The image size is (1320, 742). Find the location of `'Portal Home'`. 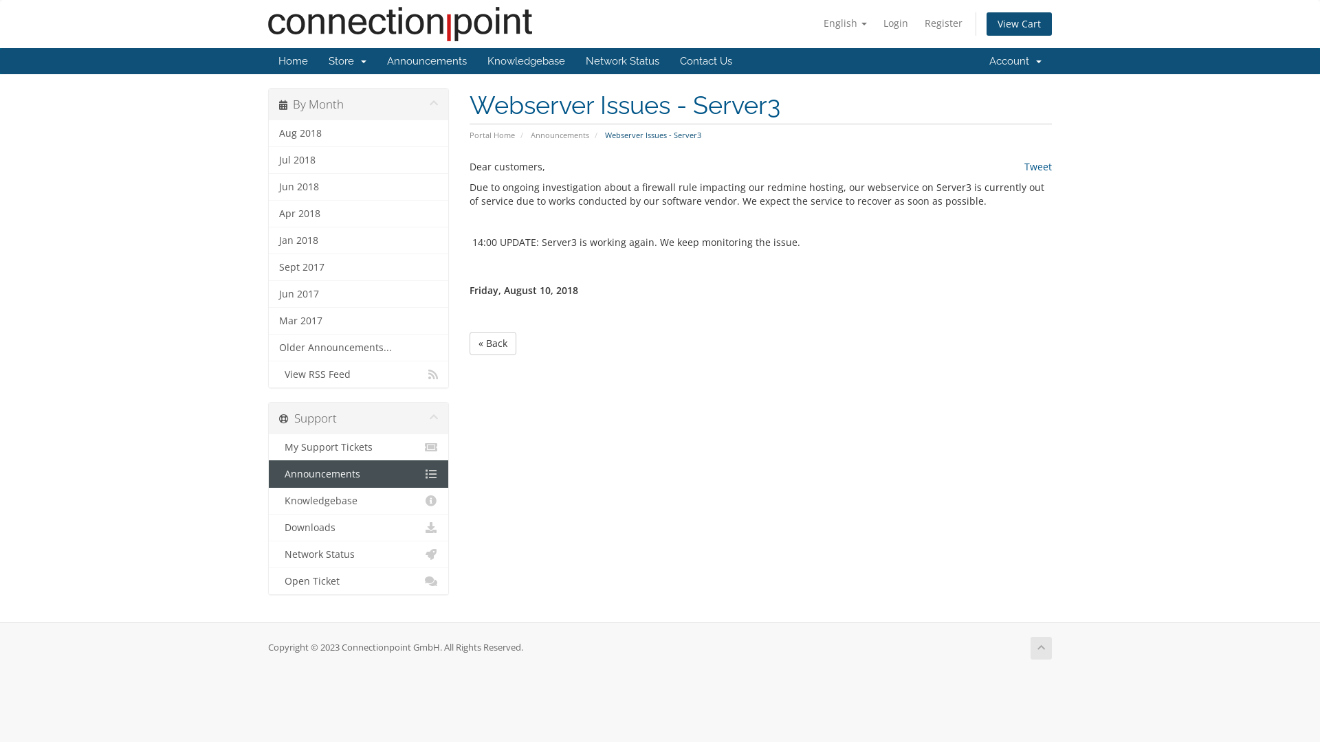

'Portal Home' is located at coordinates (492, 135).